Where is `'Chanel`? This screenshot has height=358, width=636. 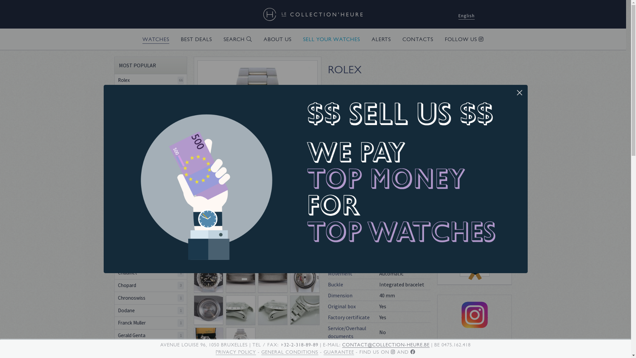
'Chanel is located at coordinates (150, 260).